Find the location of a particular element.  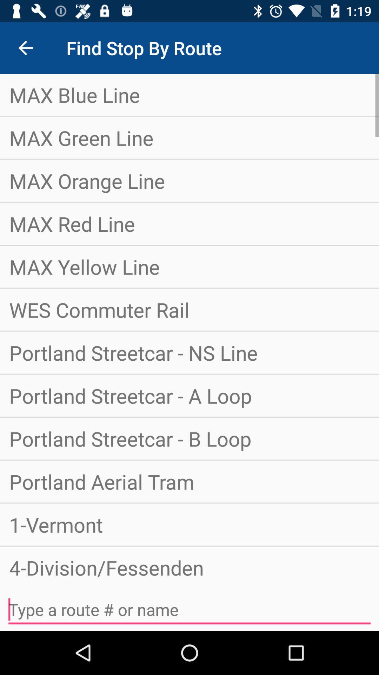

icon to the left of find stop by is located at coordinates (25, 47).